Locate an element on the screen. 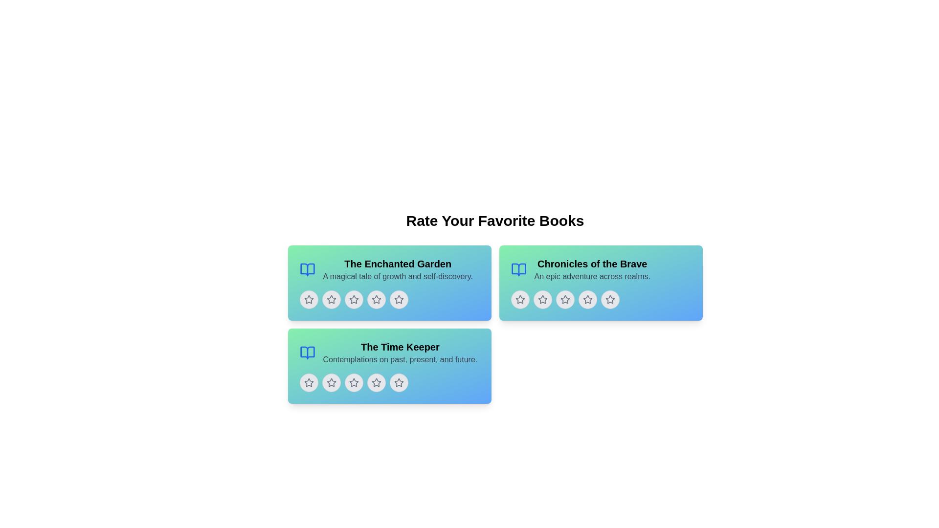 The height and width of the screenshot is (528, 939). the fifth interactive star rating button, which is outlined in grey and set within a light-grey circular button, to rate it is located at coordinates (389, 299).